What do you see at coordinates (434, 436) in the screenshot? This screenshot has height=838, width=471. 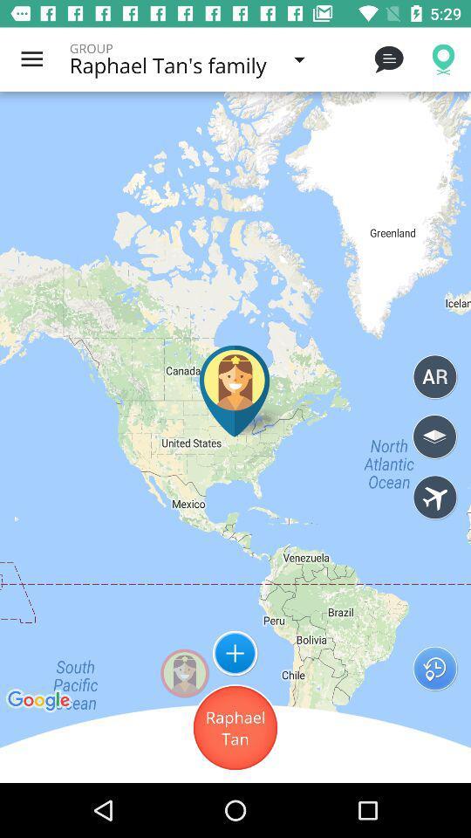 I see `the middle button at middle right` at bounding box center [434, 436].